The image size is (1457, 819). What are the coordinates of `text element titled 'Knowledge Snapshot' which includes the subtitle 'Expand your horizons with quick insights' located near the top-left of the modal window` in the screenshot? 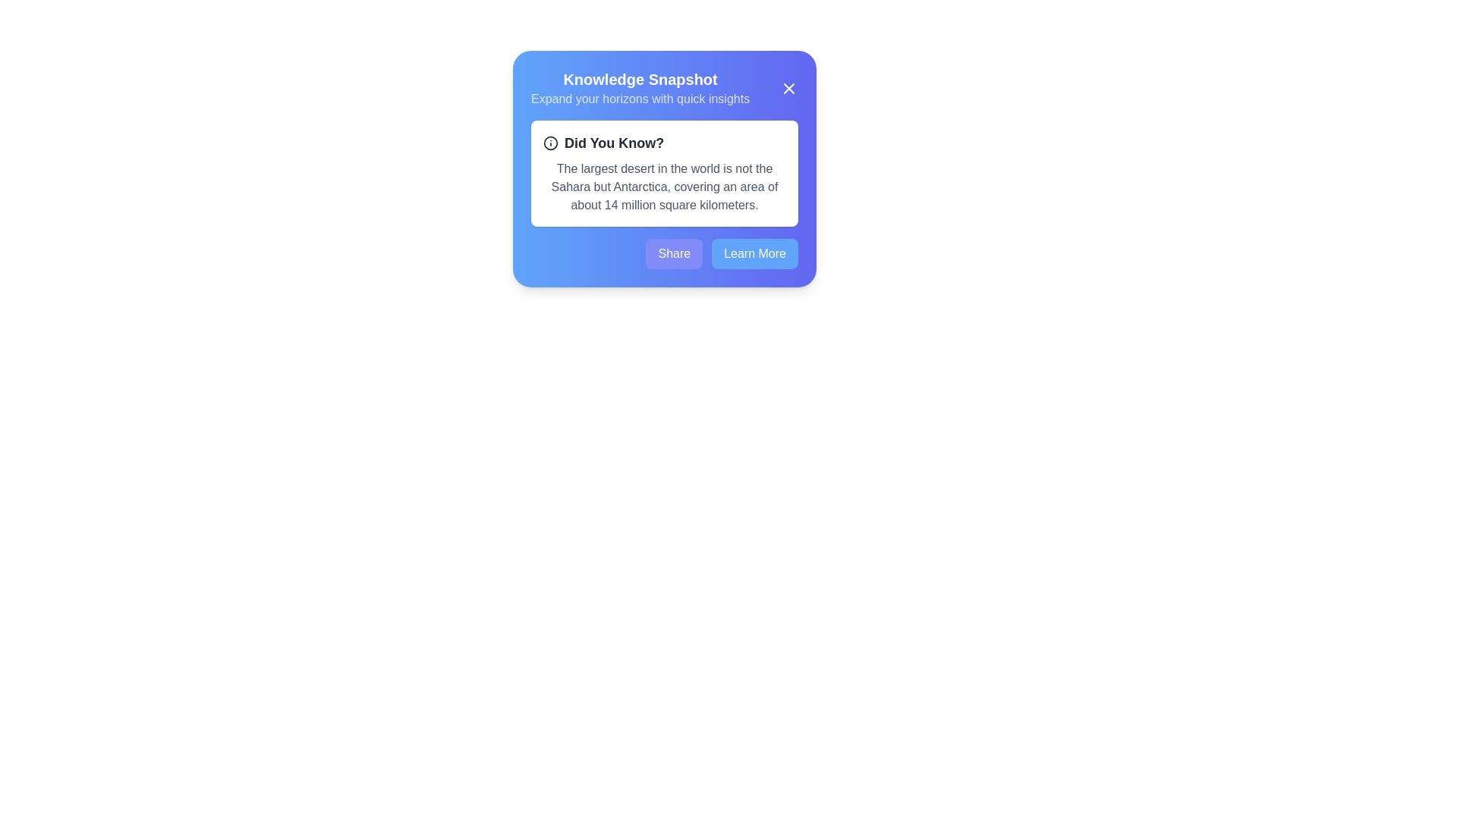 It's located at (640, 88).